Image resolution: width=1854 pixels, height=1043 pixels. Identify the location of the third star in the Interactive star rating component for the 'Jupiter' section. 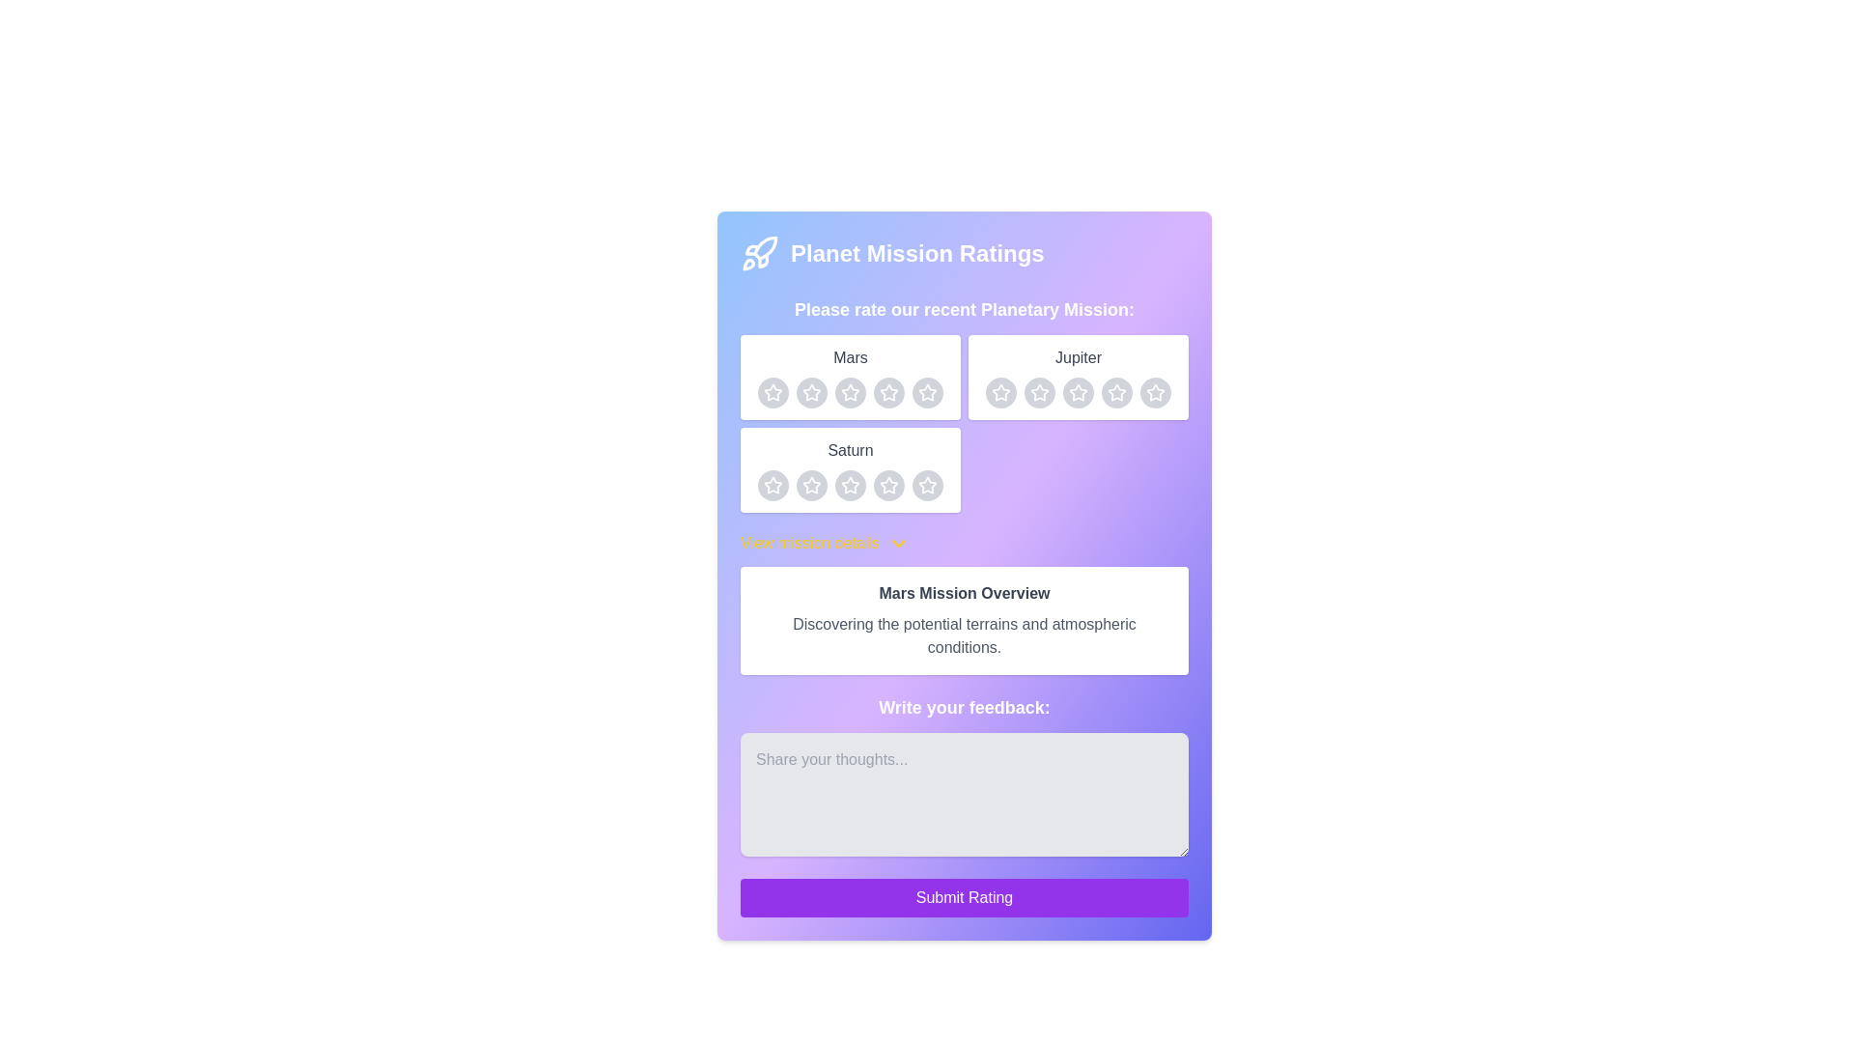
(1000, 392).